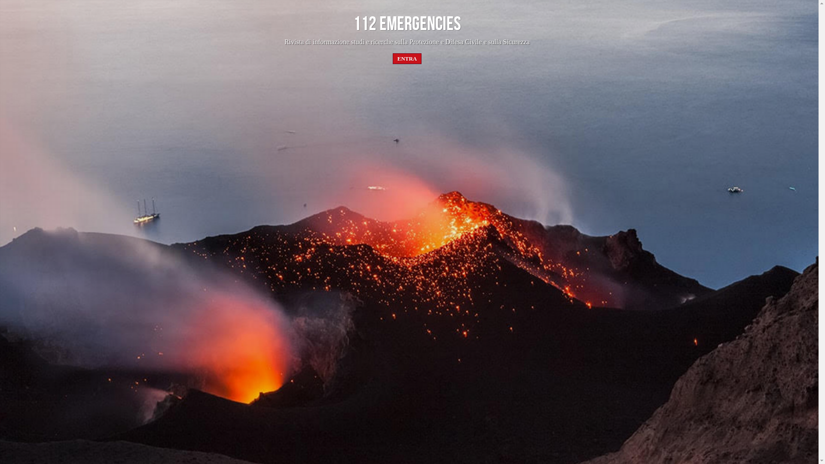 This screenshot has width=825, height=464. What do you see at coordinates (407, 58) in the screenshot?
I see `'ENTRA'` at bounding box center [407, 58].